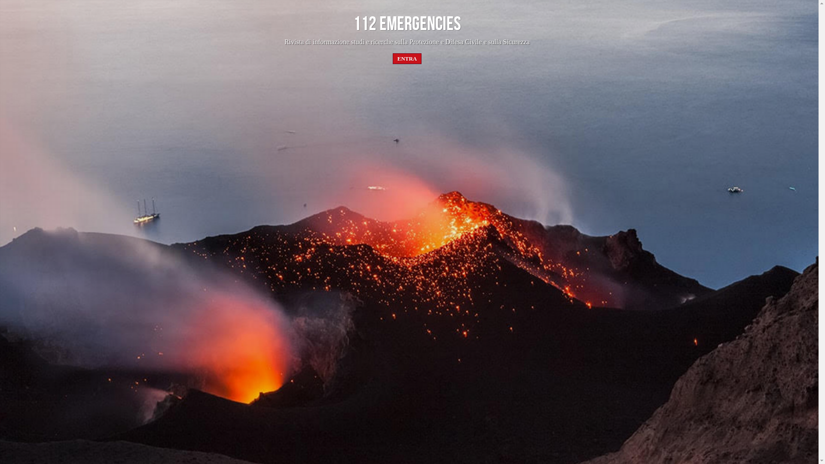 This screenshot has width=825, height=464. What do you see at coordinates (407, 58) in the screenshot?
I see `'ENTRA'` at bounding box center [407, 58].